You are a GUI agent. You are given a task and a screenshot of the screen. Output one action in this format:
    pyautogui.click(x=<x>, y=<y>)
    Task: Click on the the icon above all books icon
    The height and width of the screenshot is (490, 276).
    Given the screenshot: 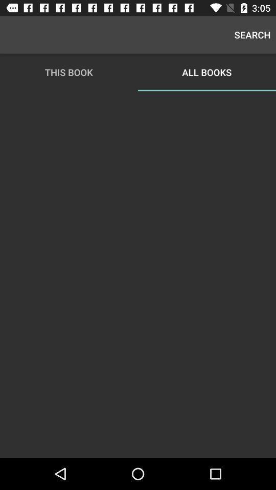 What is the action you would take?
    pyautogui.click(x=252, y=35)
    